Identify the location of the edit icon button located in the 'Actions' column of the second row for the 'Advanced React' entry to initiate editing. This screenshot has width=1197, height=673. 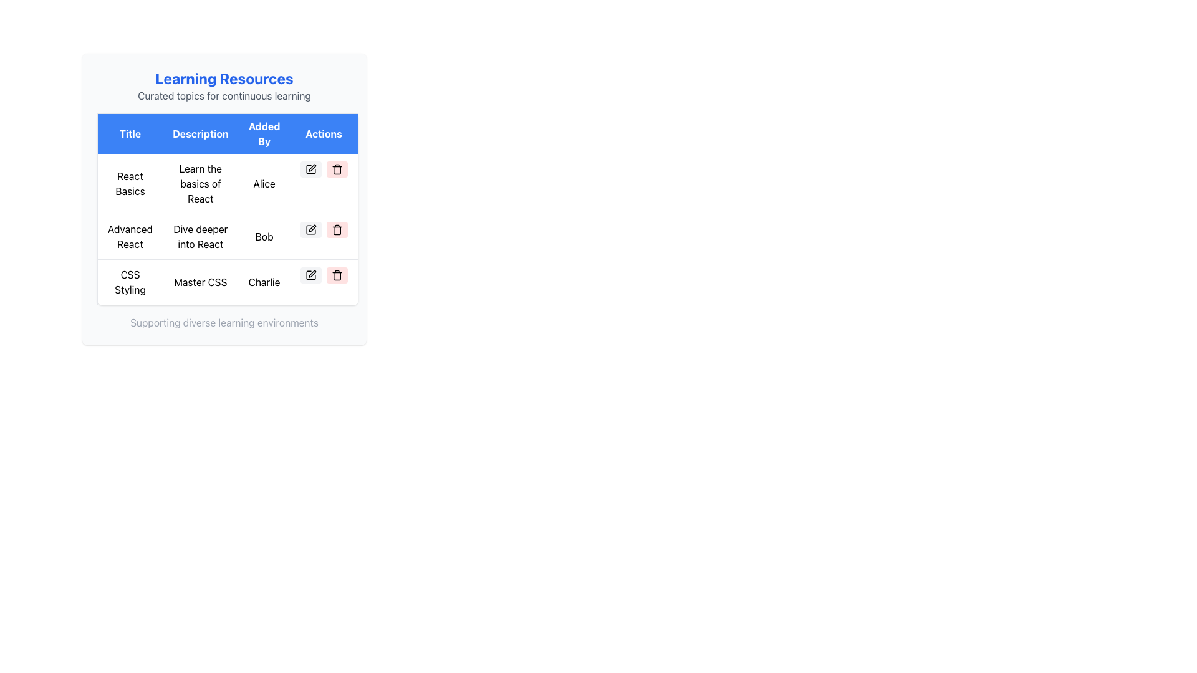
(310, 230).